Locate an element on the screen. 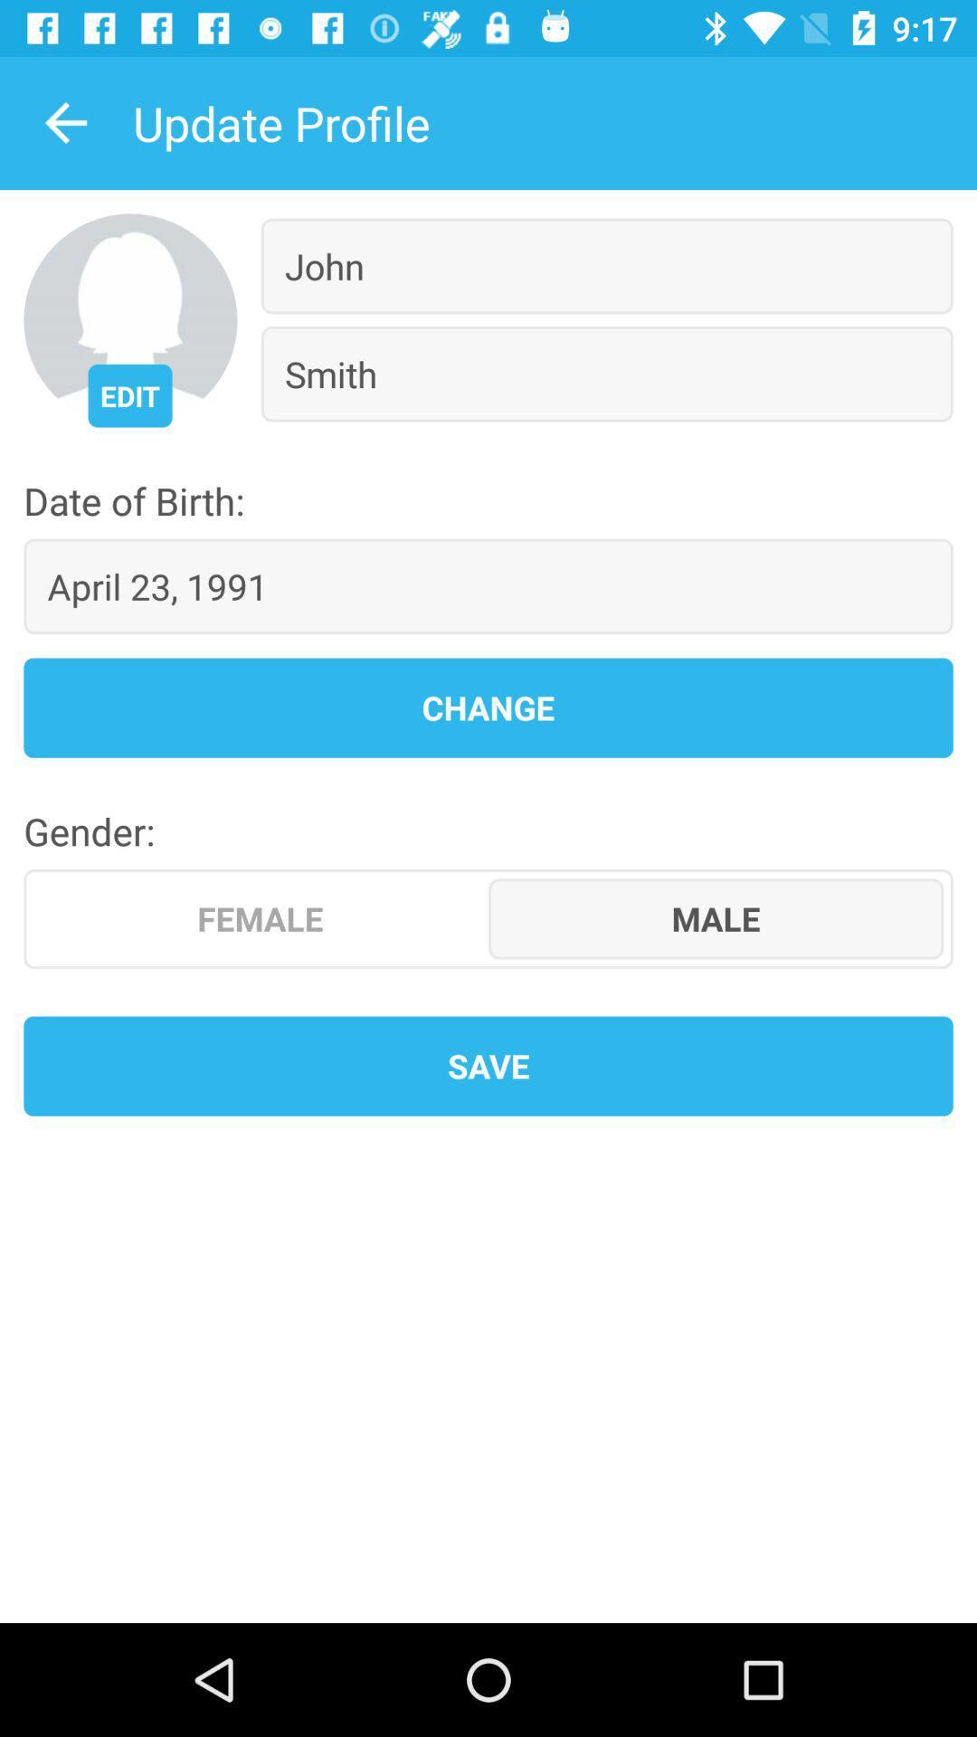 The width and height of the screenshot is (977, 1737). item to the left of the smith icon is located at coordinates (128, 394).